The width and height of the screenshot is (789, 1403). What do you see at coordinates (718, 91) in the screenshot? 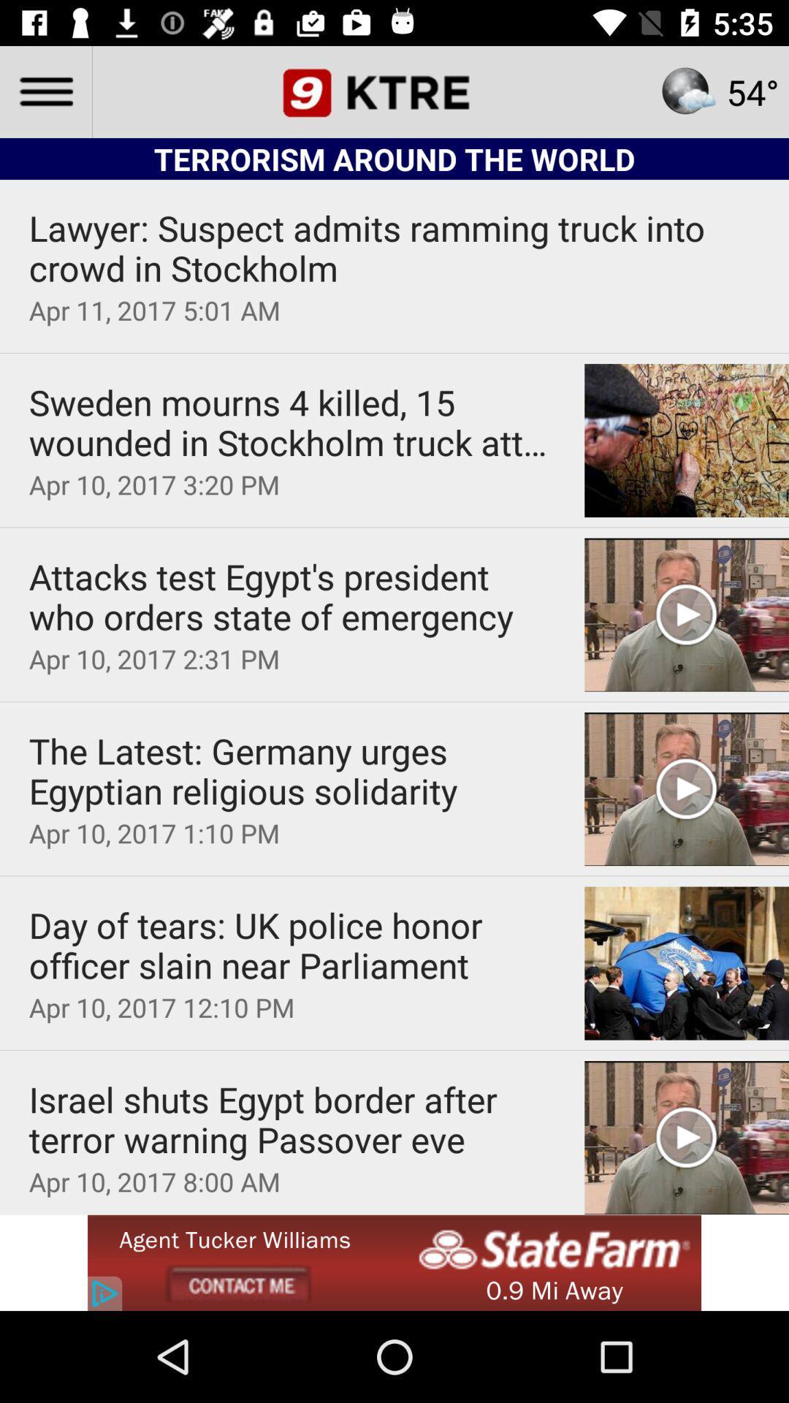
I see `the star icon` at bounding box center [718, 91].